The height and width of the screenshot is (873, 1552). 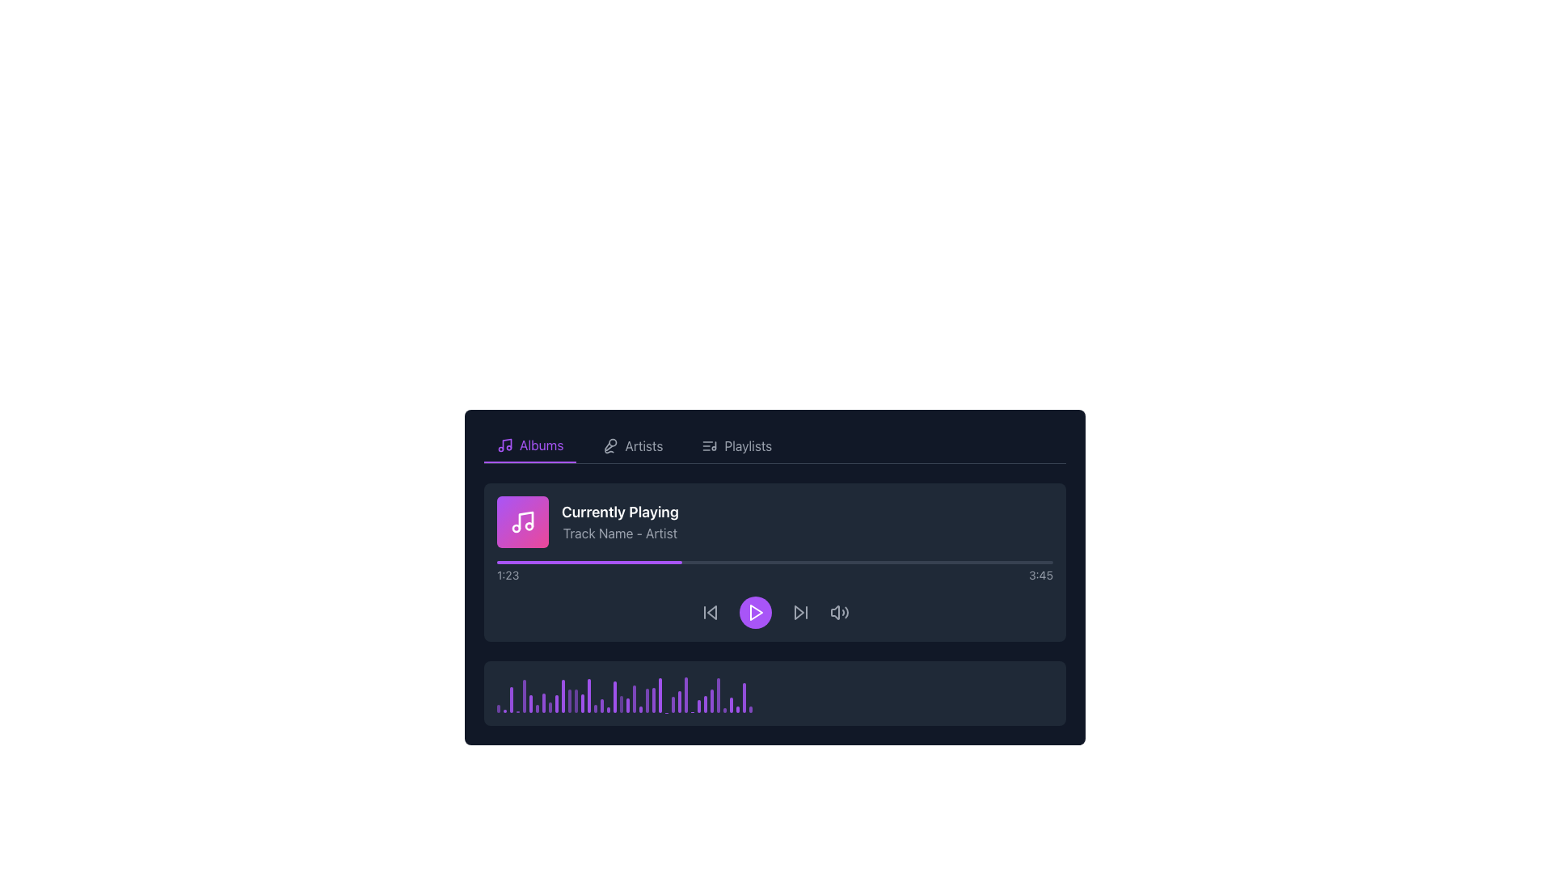 What do you see at coordinates (711, 700) in the screenshot?
I see `the 29th purple rounded bar chart column located in the bottom section of the media player interface` at bounding box center [711, 700].